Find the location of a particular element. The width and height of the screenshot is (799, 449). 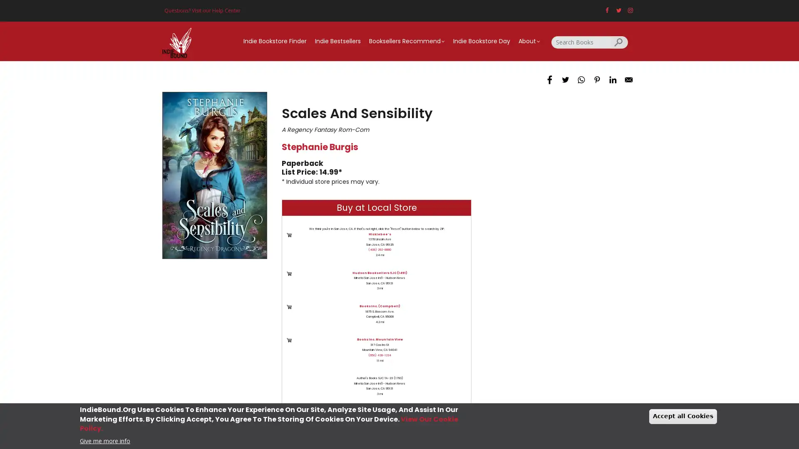

Show 5 More is located at coordinates (393, 419).